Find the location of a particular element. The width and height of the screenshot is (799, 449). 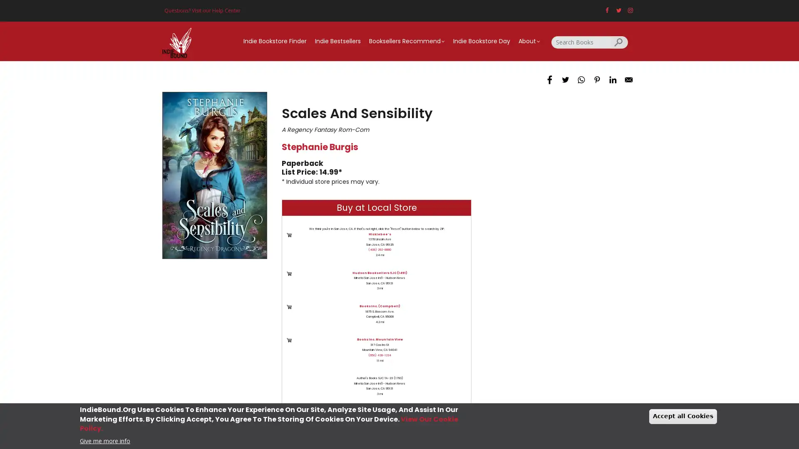

Show 5 More is located at coordinates (393, 419).